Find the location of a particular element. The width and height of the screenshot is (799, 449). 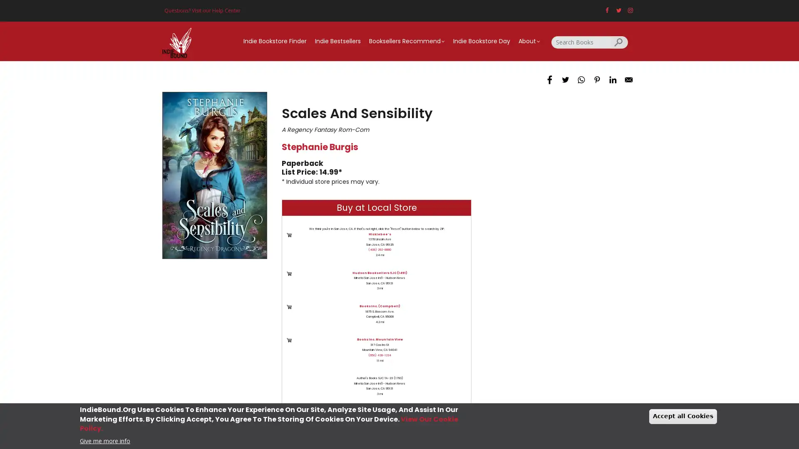

Show 5 More is located at coordinates (393, 419).